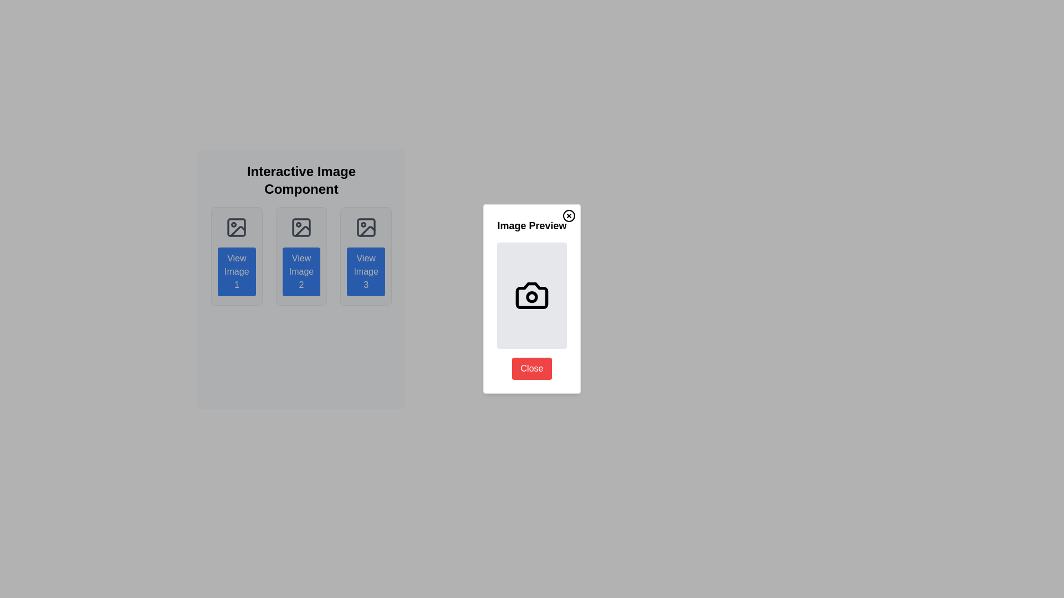 This screenshot has height=598, width=1064. What do you see at coordinates (532, 295) in the screenshot?
I see `the camera icon located in the center of the gray section within the 'Image Preview' modal` at bounding box center [532, 295].